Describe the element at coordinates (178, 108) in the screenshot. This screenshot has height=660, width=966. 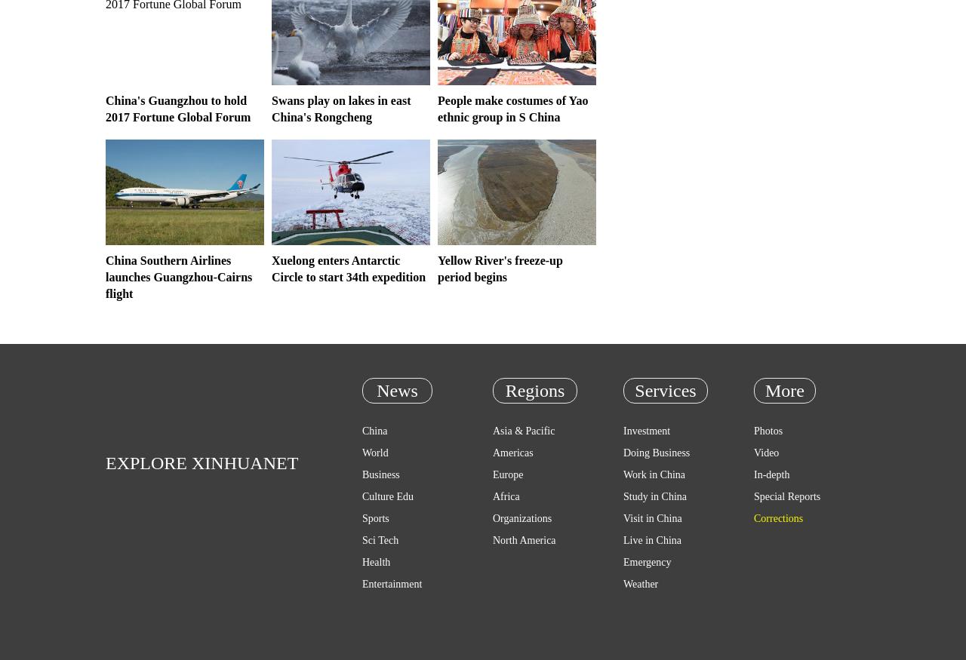
I see `'China's Guangzhou to hold 2017 Fortune Global Forum'` at that location.